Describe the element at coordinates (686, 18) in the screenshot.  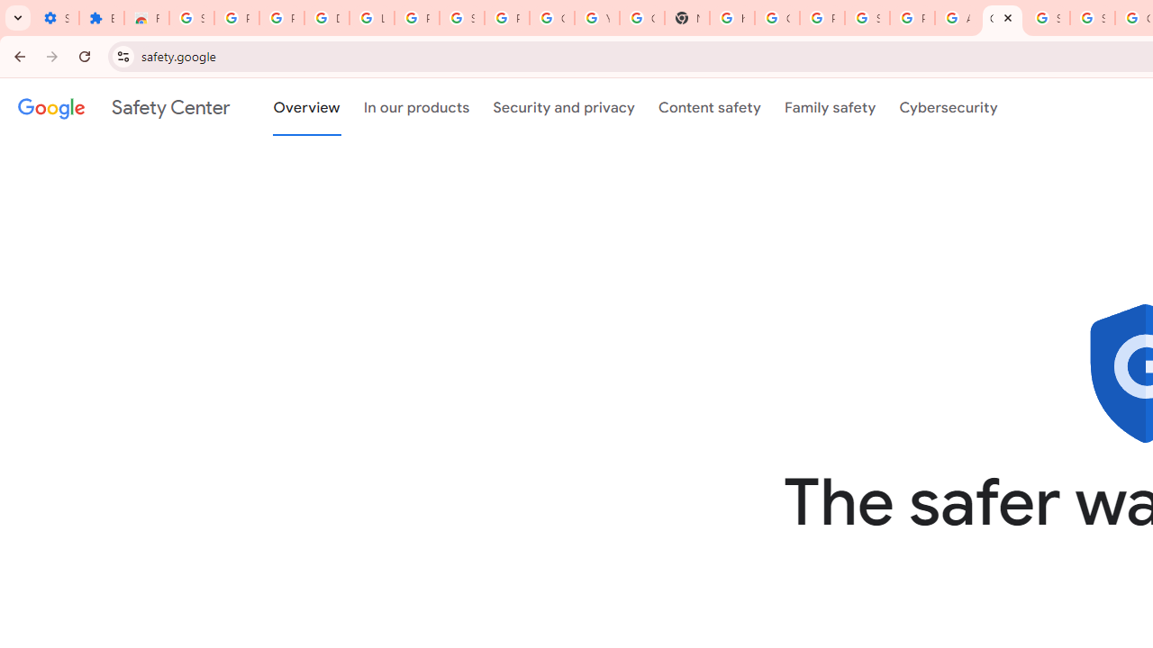
I see `'New Tab'` at that location.